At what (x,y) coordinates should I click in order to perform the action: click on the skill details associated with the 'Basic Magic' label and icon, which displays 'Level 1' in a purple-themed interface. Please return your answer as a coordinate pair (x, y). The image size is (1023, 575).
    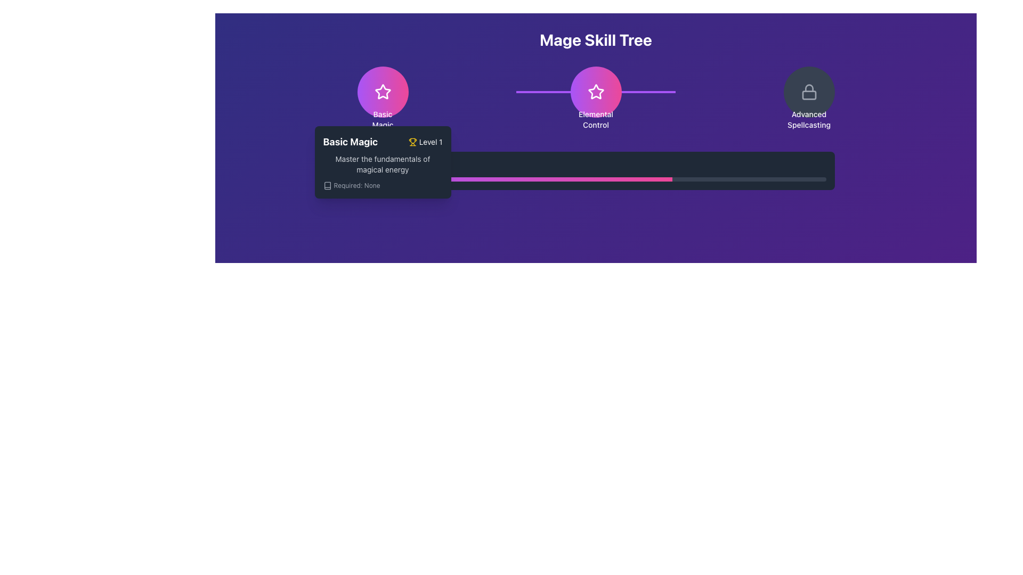
    Looking at the image, I should click on (383, 141).